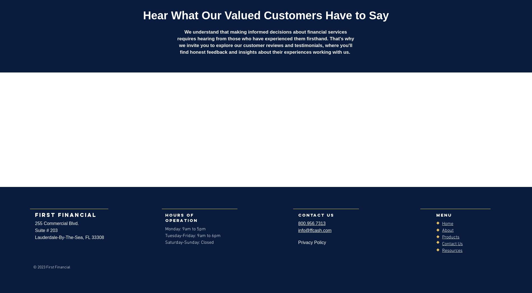 This screenshot has width=532, height=293. What do you see at coordinates (46, 230) in the screenshot?
I see `'Suite # 203'` at bounding box center [46, 230].